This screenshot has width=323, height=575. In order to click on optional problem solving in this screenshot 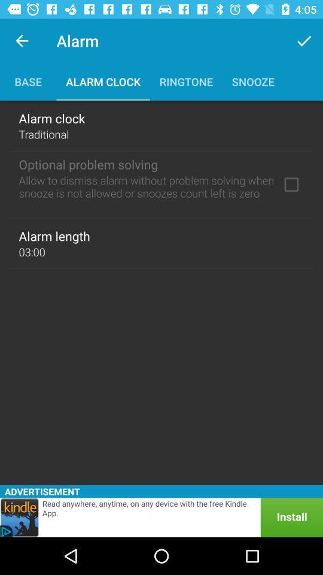, I will do `click(291, 184)`.